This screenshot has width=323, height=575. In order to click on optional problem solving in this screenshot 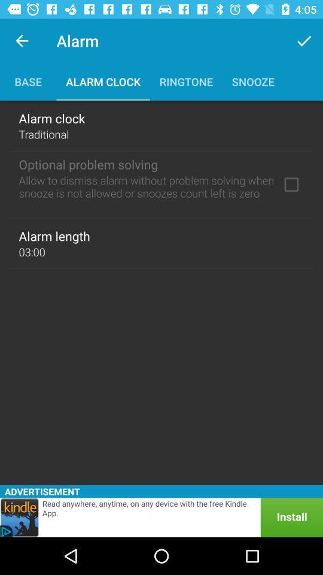, I will do `click(291, 184)`.